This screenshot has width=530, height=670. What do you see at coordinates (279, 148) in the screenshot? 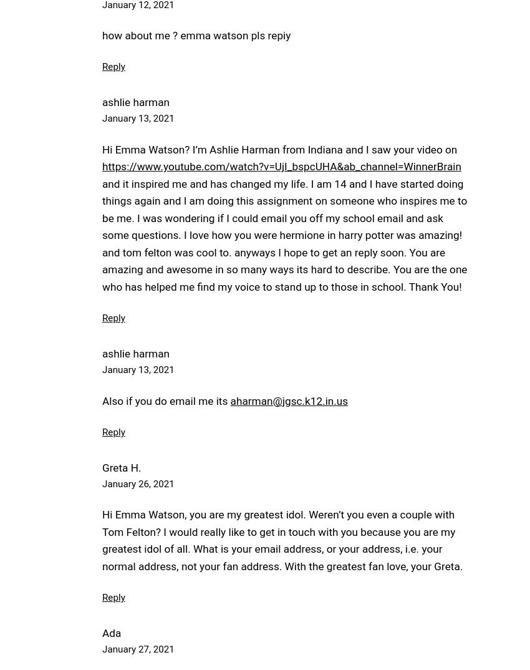
I see `'Hi Emma Watson? I’m Ashlie Harman from Indiana and I saw your video on'` at bounding box center [279, 148].